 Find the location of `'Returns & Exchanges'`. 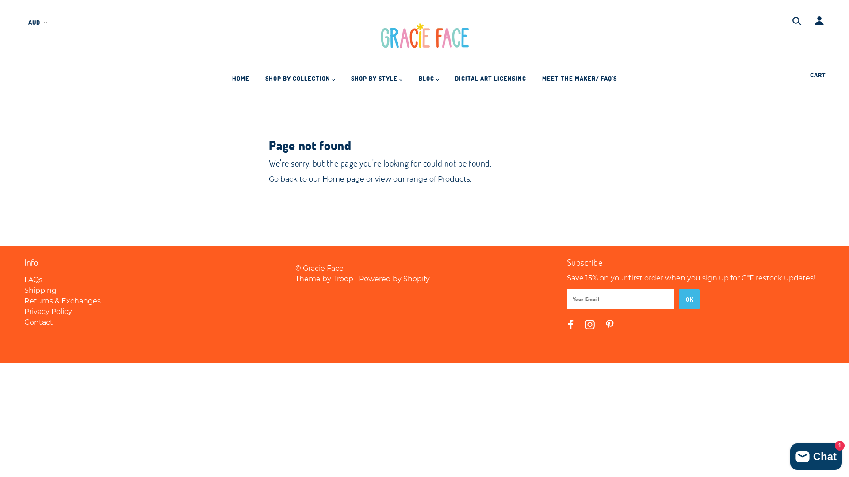

'Returns & Exchanges' is located at coordinates (24, 300).